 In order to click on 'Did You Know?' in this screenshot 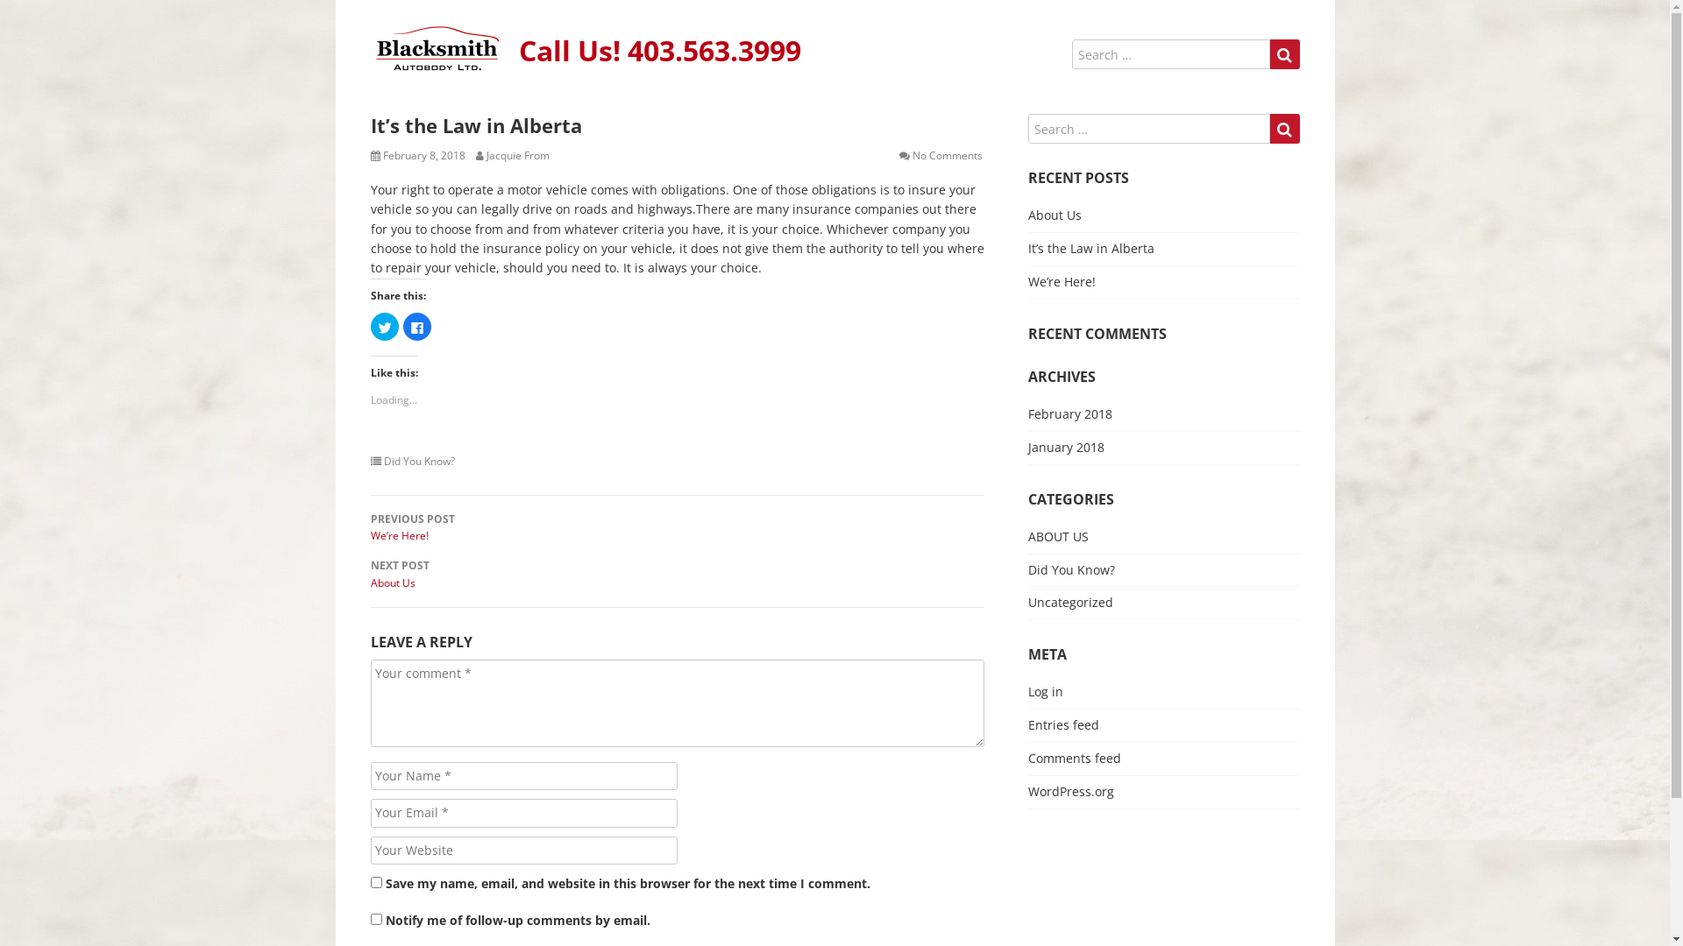, I will do `click(1069, 569)`.